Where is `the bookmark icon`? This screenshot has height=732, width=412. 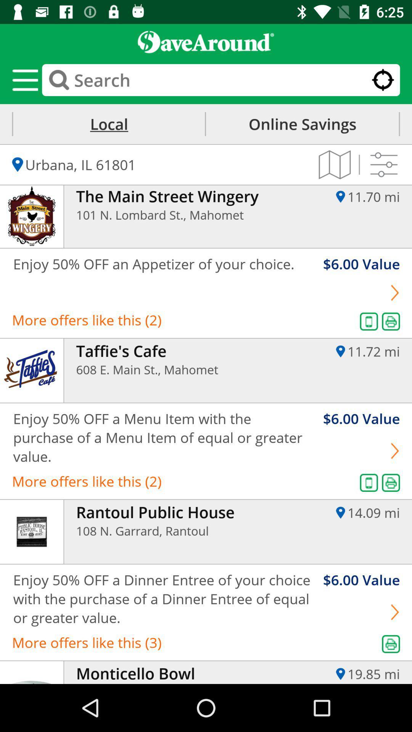
the bookmark icon is located at coordinates (334, 164).